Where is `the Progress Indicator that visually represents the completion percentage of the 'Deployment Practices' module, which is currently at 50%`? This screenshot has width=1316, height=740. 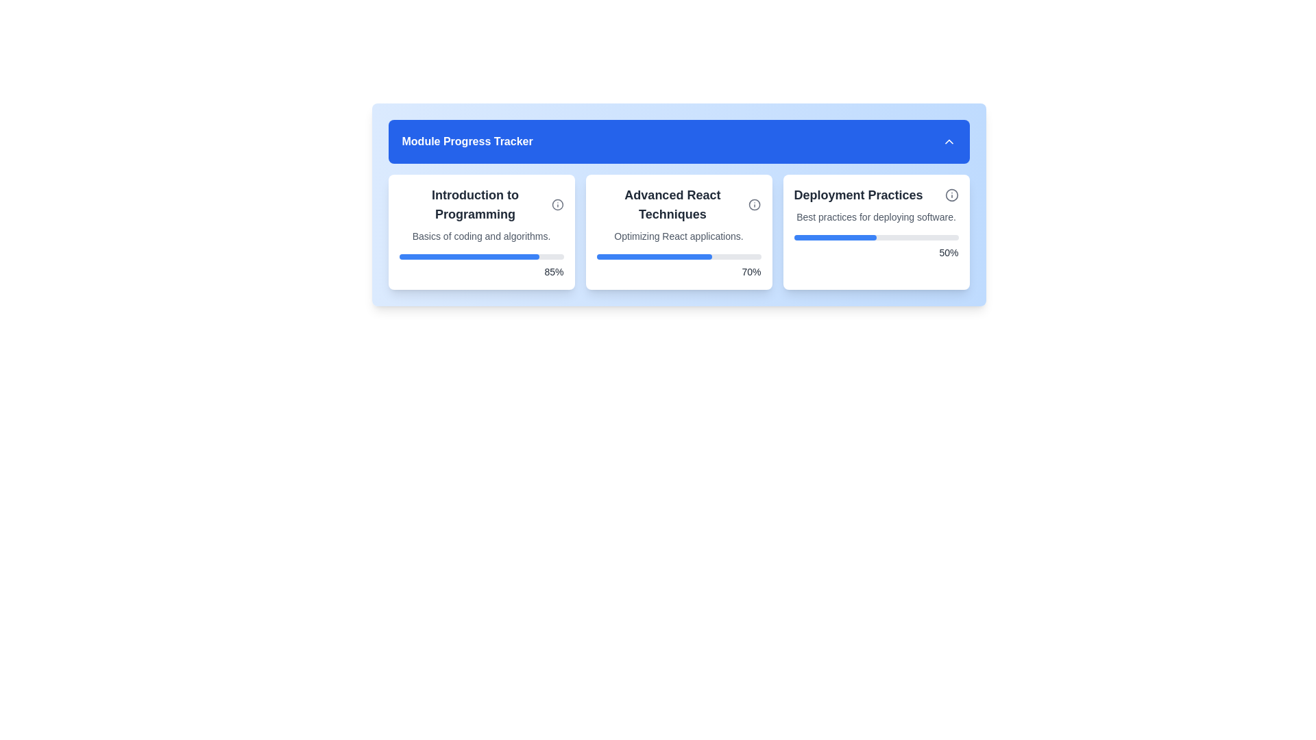 the Progress Indicator that visually represents the completion percentage of the 'Deployment Practices' module, which is currently at 50% is located at coordinates (834, 237).